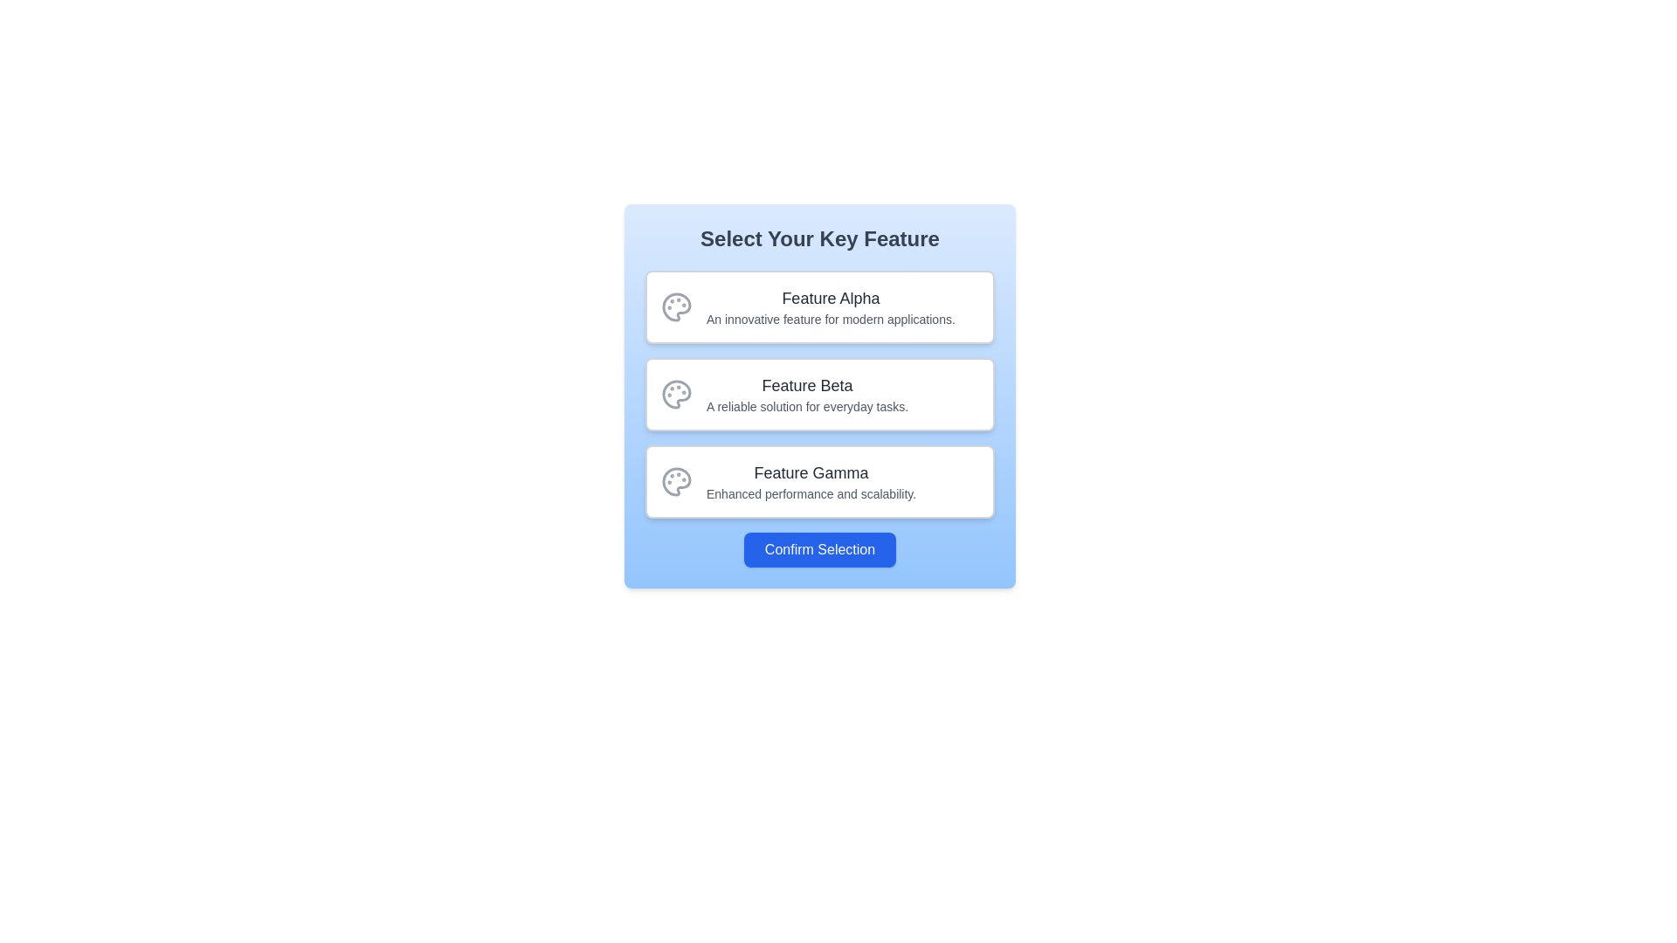 The image size is (1677, 943). Describe the element at coordinates (819, 238) in the screenshot. I see `the Text Label that serves as the title for the selection interface, which is located at the top of a card with a gradient background` at that location.